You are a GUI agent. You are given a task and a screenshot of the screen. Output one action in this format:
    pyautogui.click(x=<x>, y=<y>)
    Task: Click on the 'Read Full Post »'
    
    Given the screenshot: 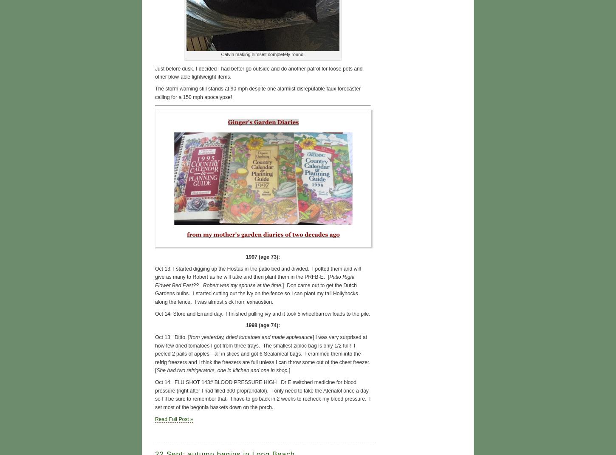 What is the action you would take?
    pyautogui.click(x=173, y=418)
    